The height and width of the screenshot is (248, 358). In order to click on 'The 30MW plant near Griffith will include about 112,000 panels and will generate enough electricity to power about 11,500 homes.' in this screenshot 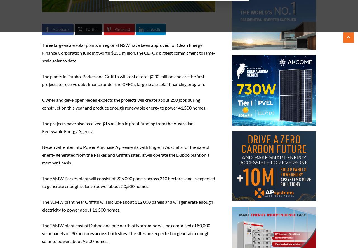, I will do `click(42, 206)`.